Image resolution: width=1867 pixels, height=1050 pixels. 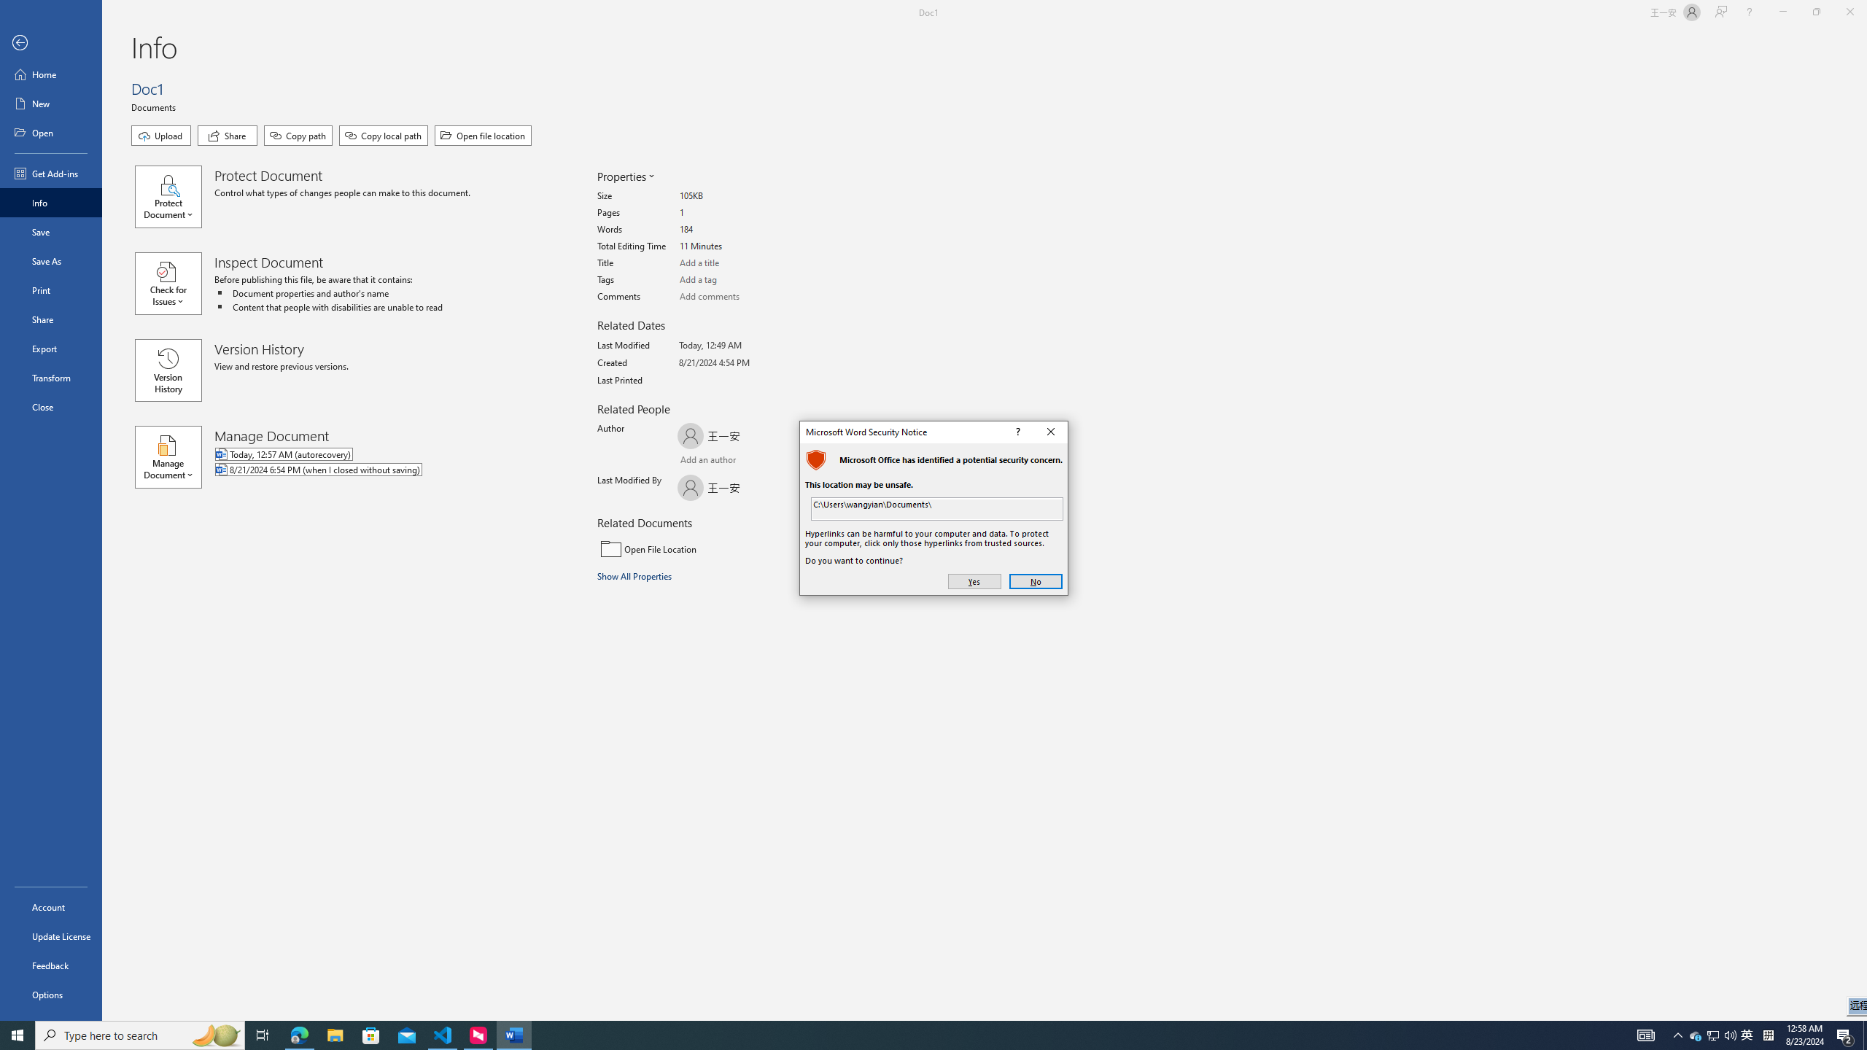 I want to click on 'Microsoft Edge - 1 running window', so click(x=298, y=1034).